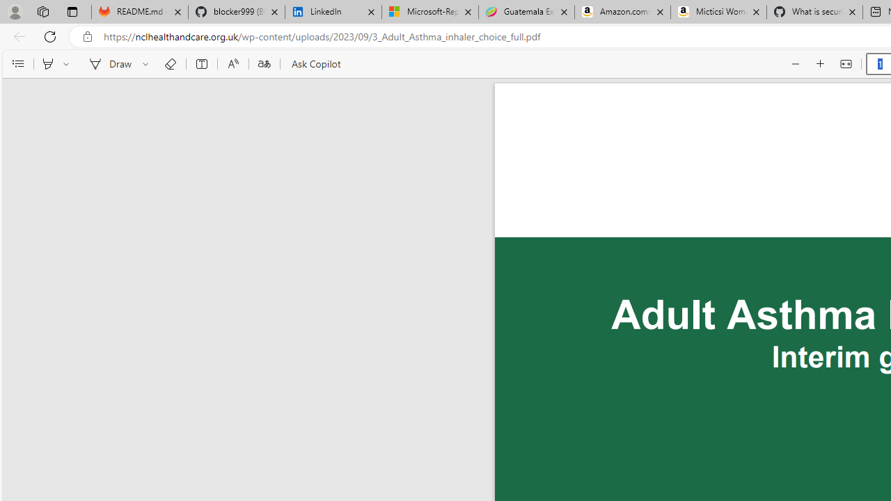  I want to click on 'Erase', so click(169, 64).